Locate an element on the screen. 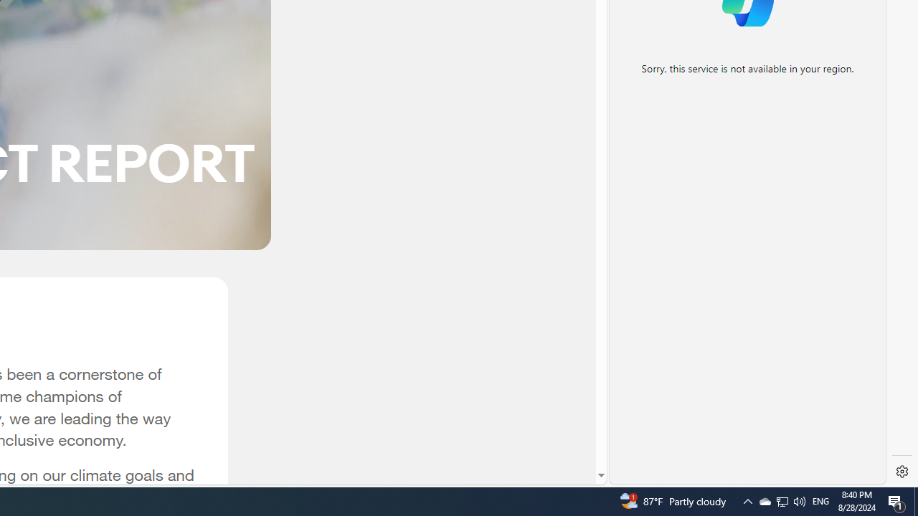 The width and height of the screenshot is (918, 516). 'Settings' is located at coordinates (902, 472).